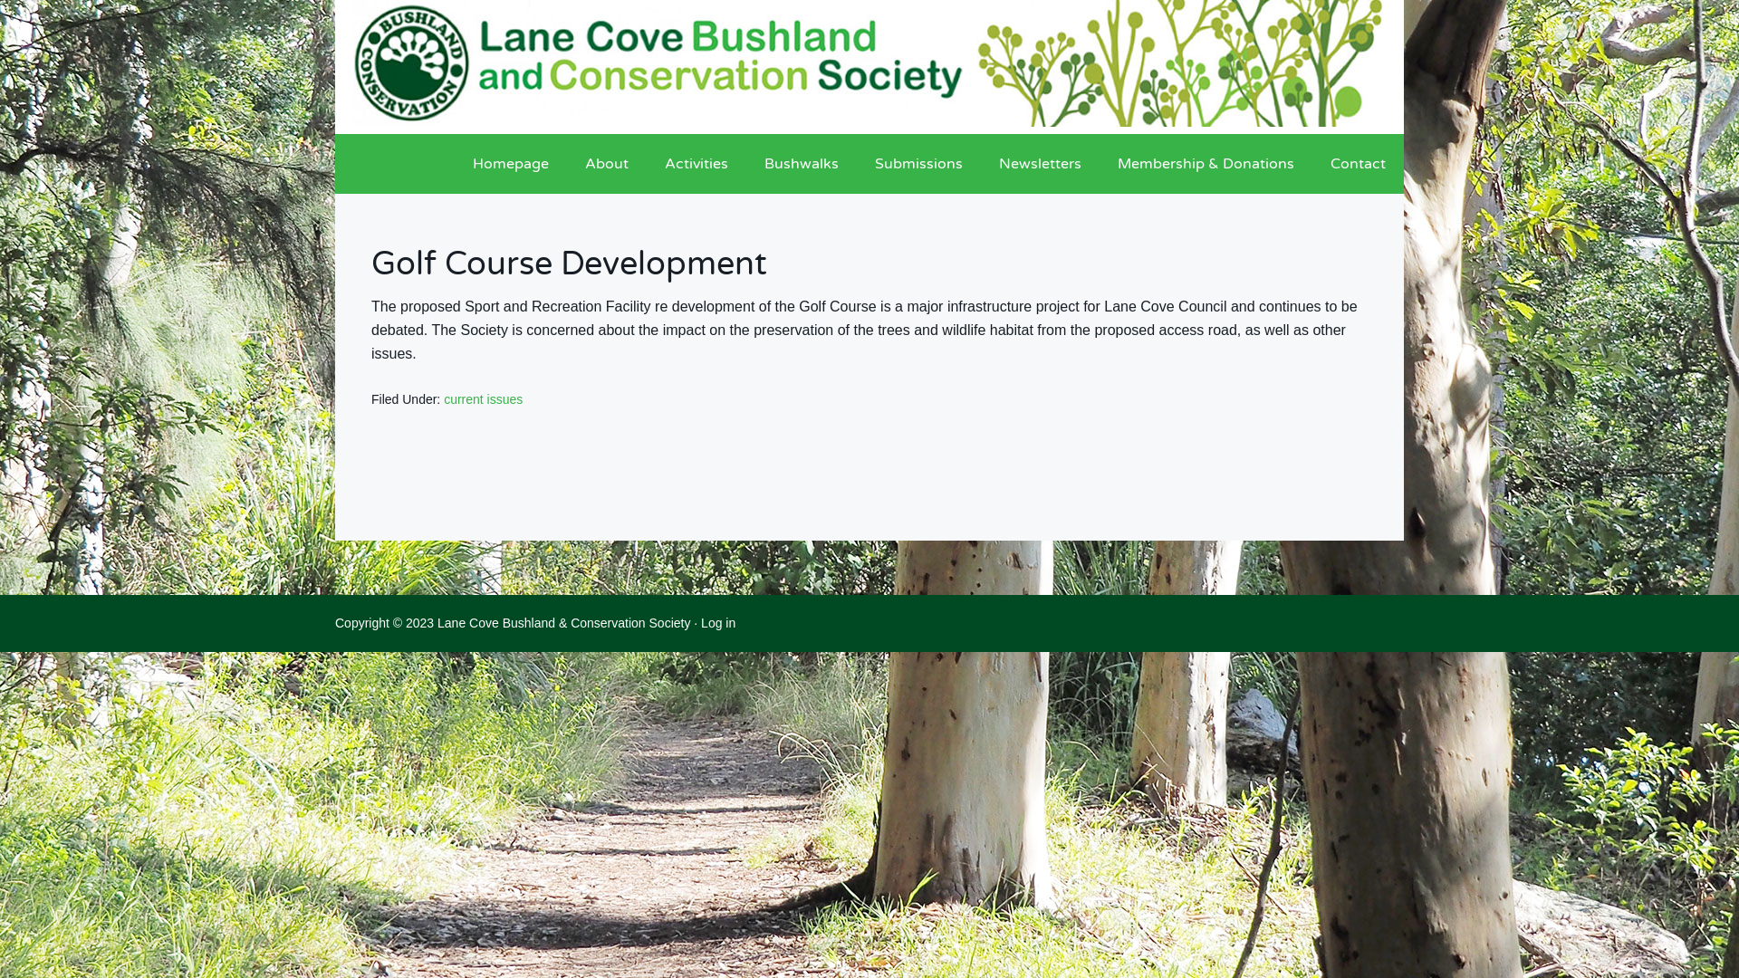  I want to click on 'Submissions', so click(918, 164).